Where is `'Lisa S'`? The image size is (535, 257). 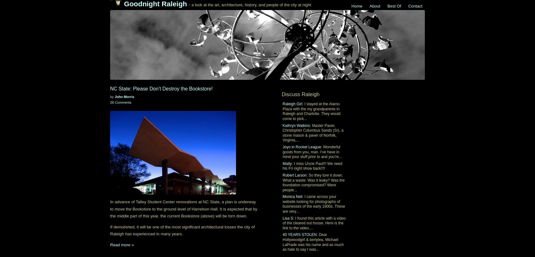
'Lisa S' is located at coordinates (288, 217).